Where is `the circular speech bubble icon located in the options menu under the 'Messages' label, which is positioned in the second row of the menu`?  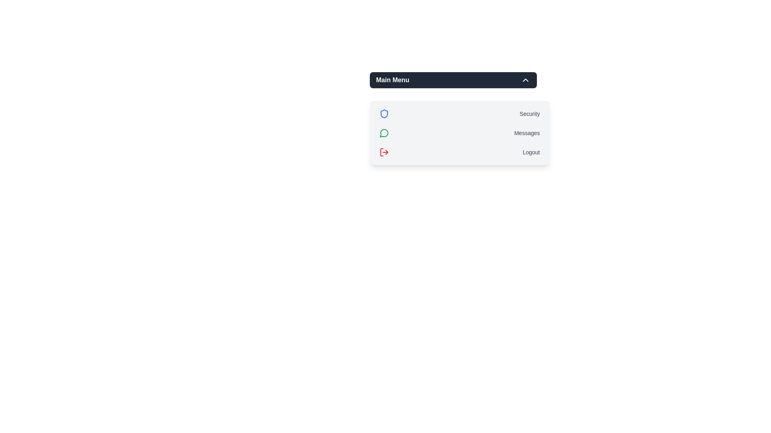 the circular speech bubble icon located in the options menu under the 'Messages' label, which is positioned in the second row of the menu is located at coordinates (383, 133).